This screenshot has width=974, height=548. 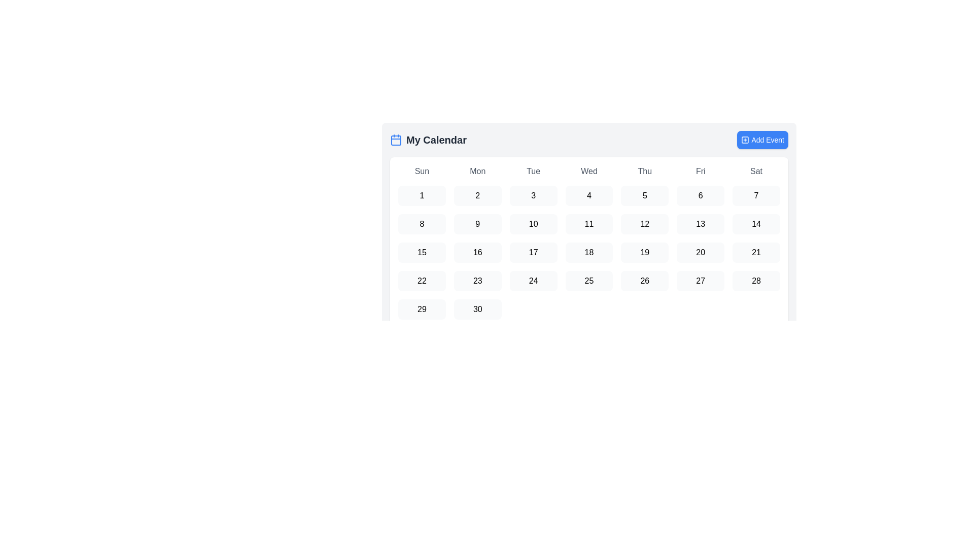 I want to click on the Date cell in the calendar grid that displays the number '12', located in the fourth row and fifth column under the 'Thu' column, so click(x=644, y=224).